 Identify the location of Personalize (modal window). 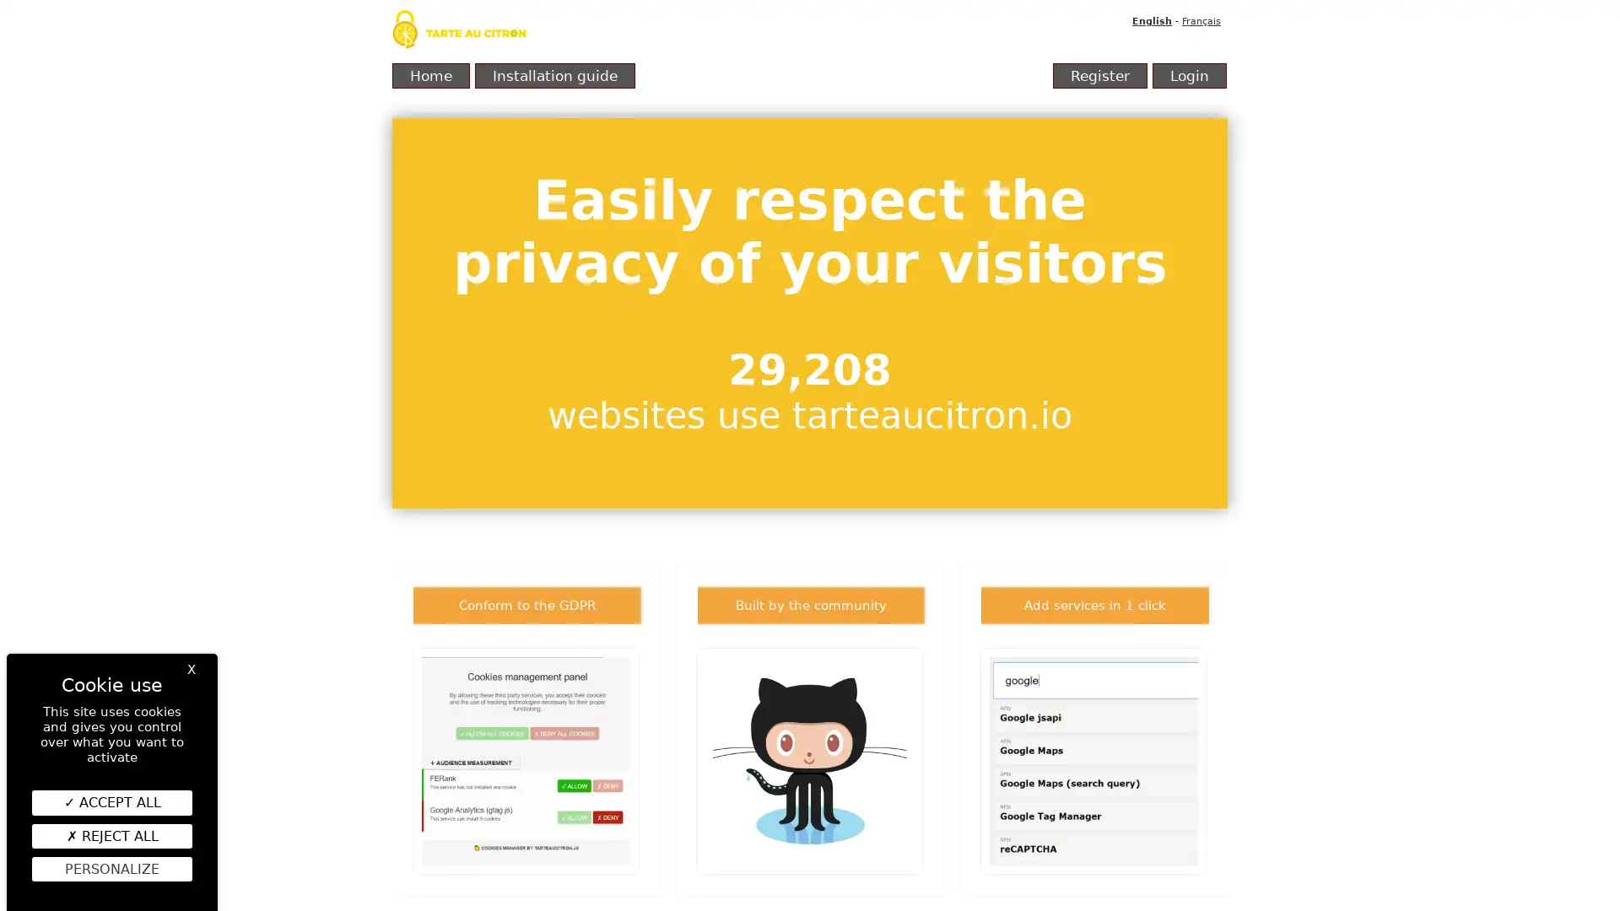
(111, 868).